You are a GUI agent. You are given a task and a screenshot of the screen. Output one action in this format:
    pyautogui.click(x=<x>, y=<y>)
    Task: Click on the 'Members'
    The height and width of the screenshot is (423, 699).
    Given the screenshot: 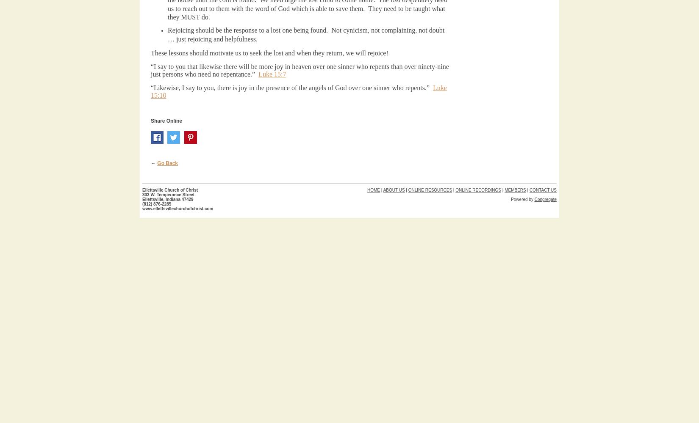 What is the action you would take?
    pyautogui.click(x=515, y=190)
    